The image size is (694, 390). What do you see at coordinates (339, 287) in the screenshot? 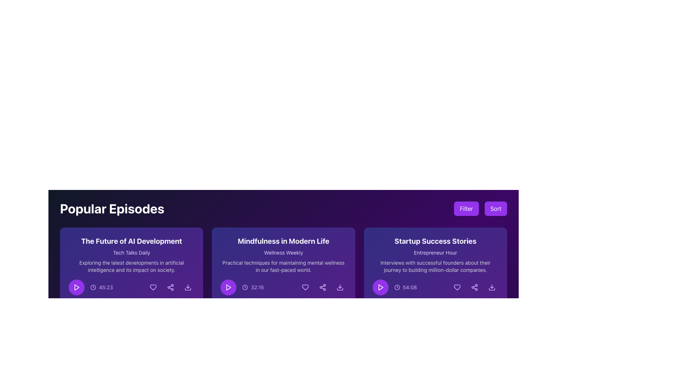
I see `the circular purple button with a downward arrow icon located at the bottom-right corner of the 'Mindfulness in Modern Life' card to download the content` at bounding box center [339, 287].